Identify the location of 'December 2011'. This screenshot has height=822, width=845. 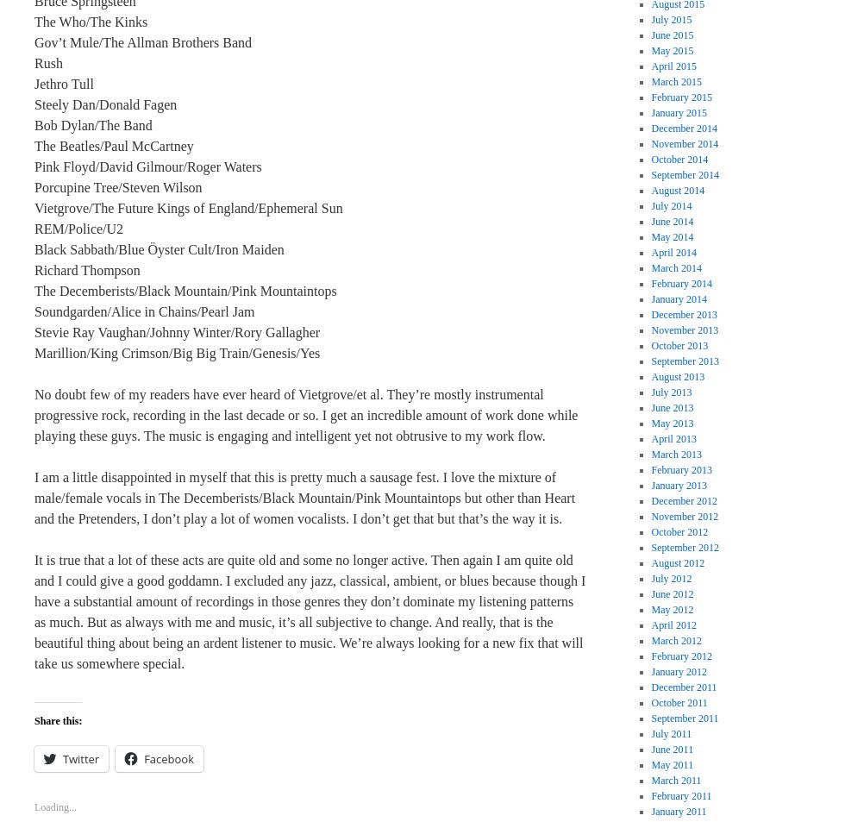
(684, 687).